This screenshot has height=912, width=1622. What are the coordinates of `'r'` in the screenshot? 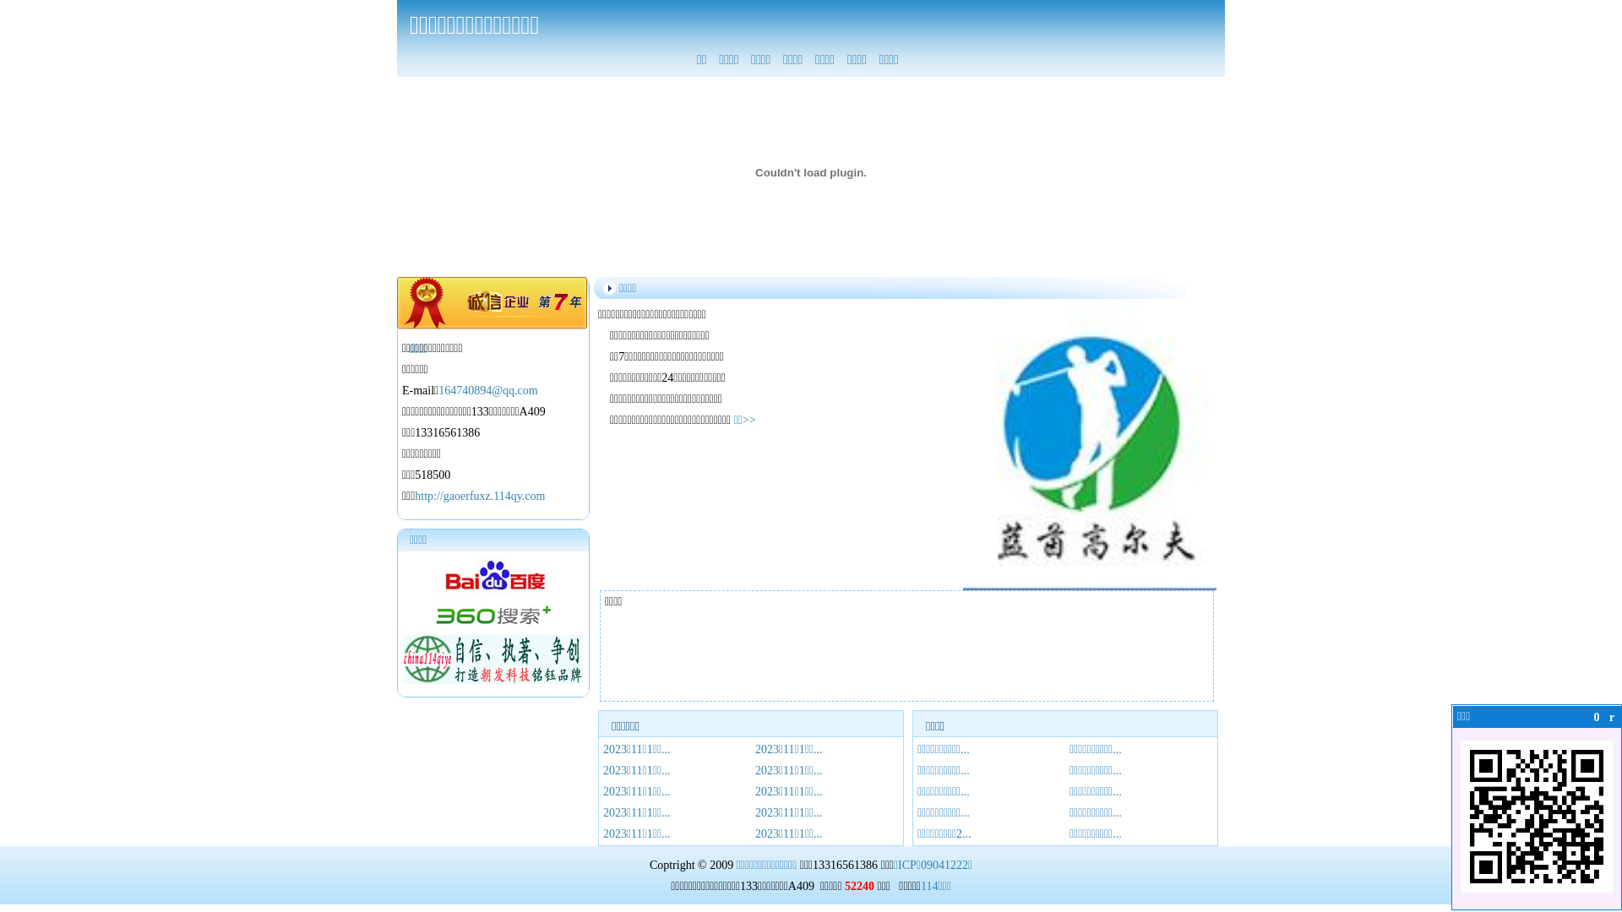 It's located at (1611, 717).